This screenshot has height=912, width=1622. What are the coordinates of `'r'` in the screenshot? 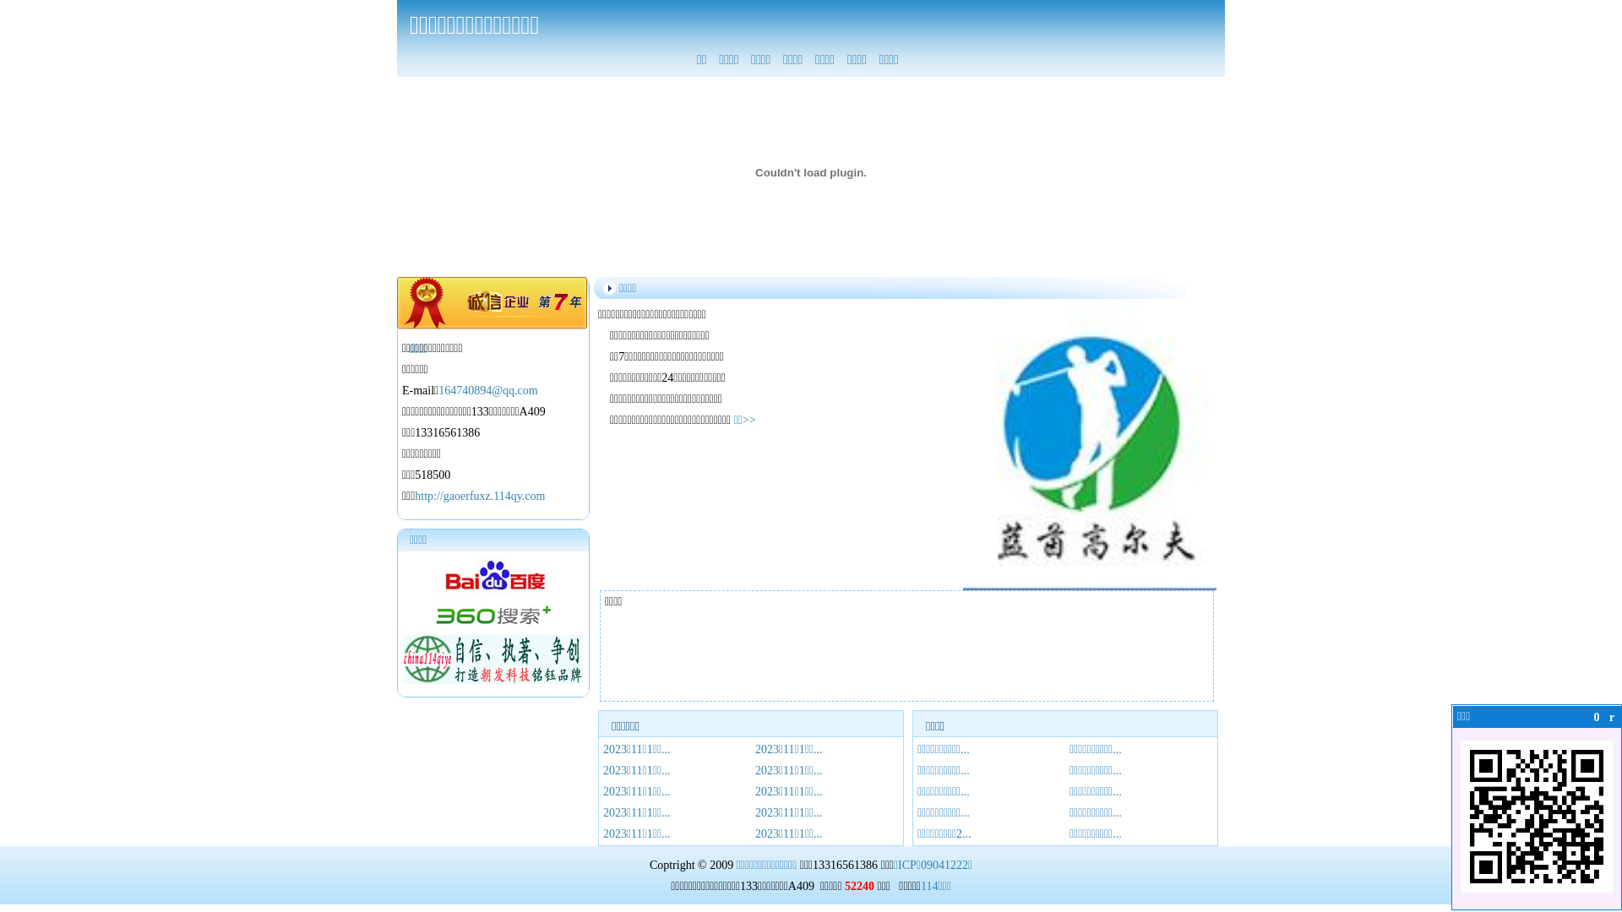 It's located at (1611, 717).